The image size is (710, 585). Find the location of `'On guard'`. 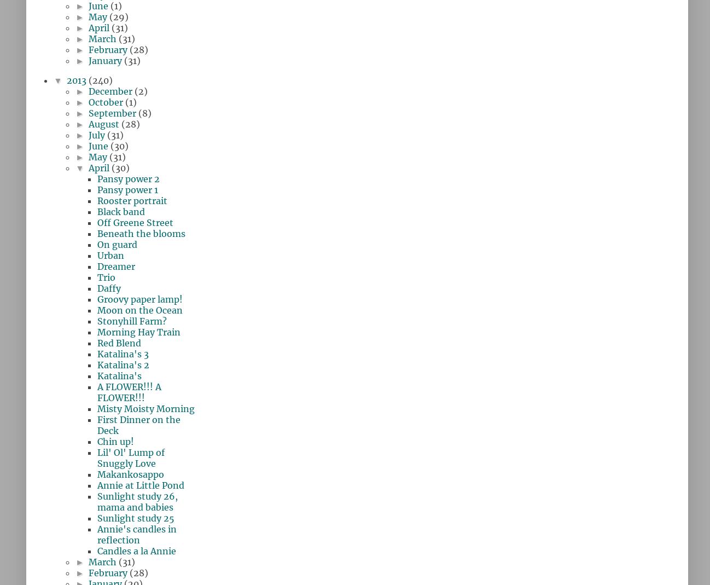

'On guard' is located at coordinates (117, 244).